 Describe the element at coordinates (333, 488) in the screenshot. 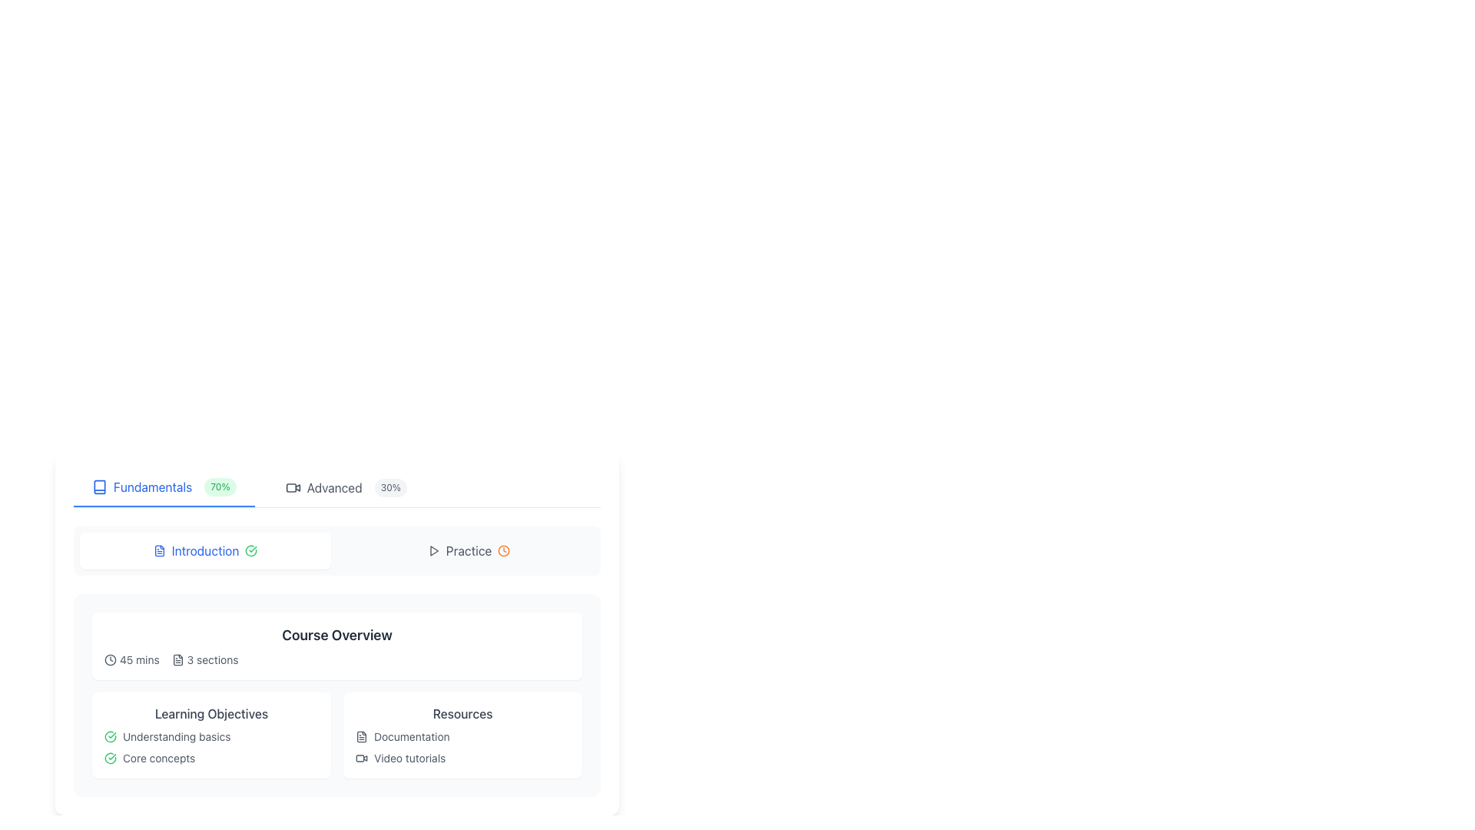

I see `text label indicating the 'Advanced' category, which is positioned between an icon and a '30%' label in the horizontal navigation row` at that location.